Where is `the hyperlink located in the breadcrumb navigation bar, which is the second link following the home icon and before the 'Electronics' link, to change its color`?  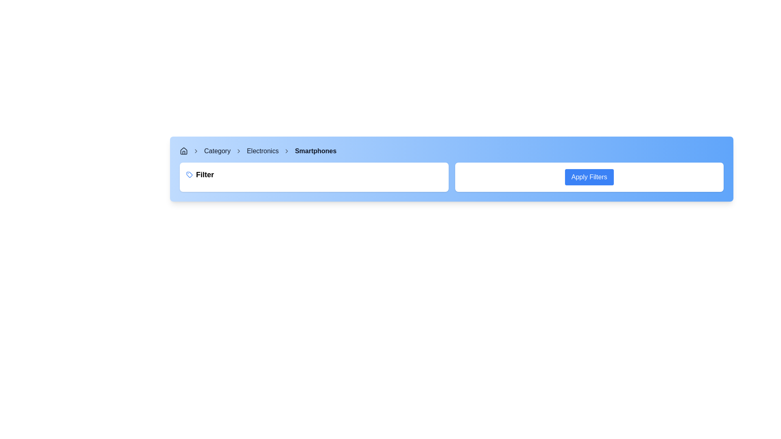 the hyperlink located in the breadcrumb navigation bar, which is the second link following the home icon and before the 'Electronics' link, to change its color is located at coordinates (217, 151).